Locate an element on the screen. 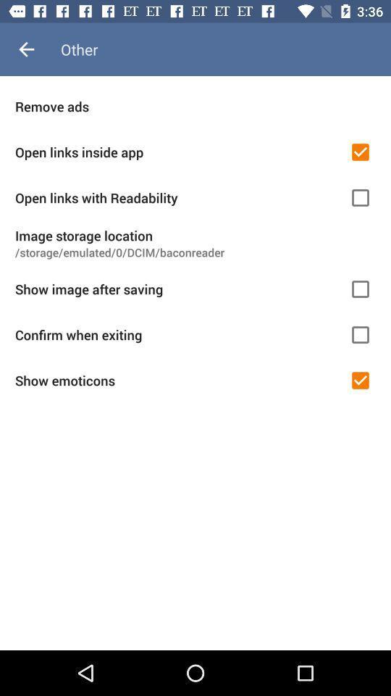  the icon beside the show image after saving is located at coordinates (359, 288).